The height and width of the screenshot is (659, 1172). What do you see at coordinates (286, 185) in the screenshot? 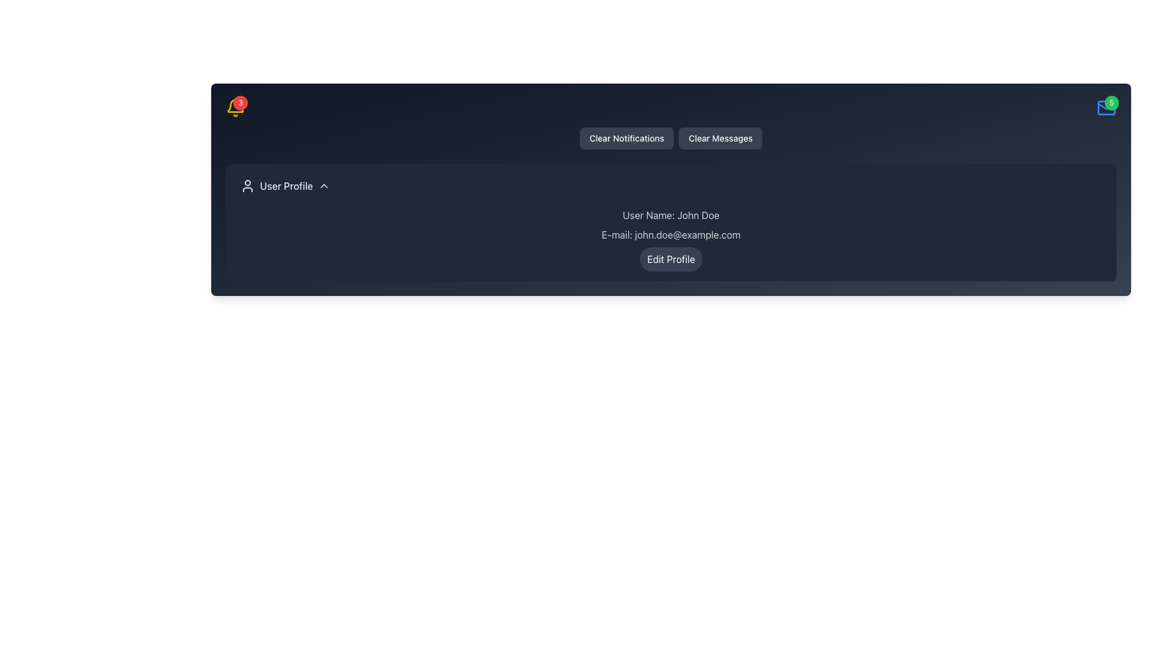
I see `text label 'User Profile' located in the user navigation menu, which is displayed in medium font weight and gray color against a dark background` at bounding box center [286, 185].